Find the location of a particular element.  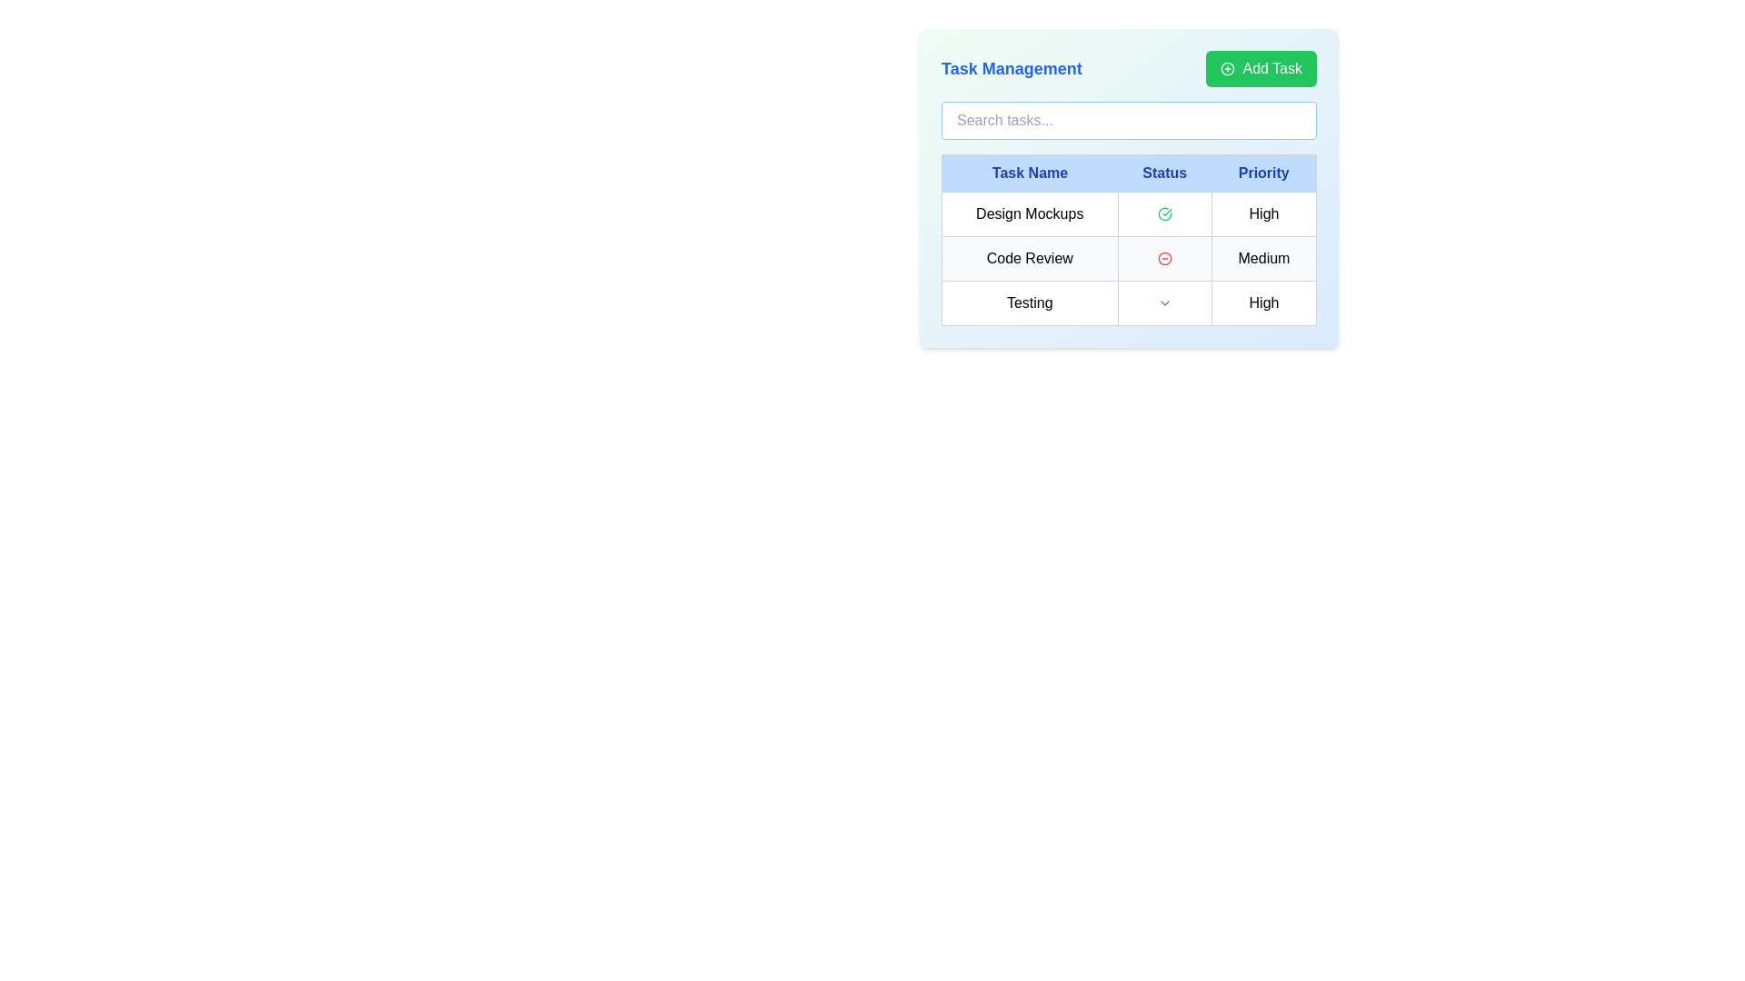

the first row of the task table is located at coordinates (1128, 213).